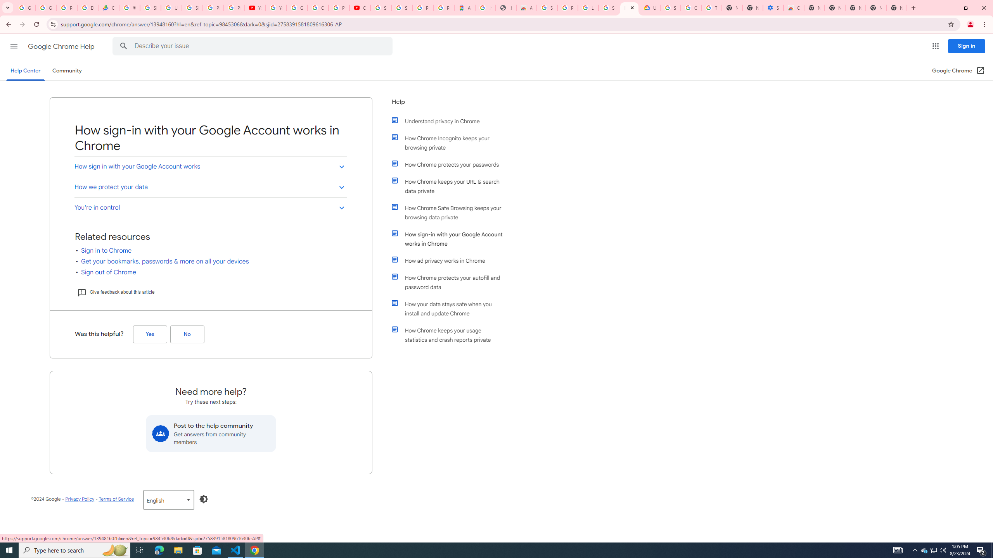  What do you see at coordinates (451, 239) in the screenshot?
I see `'How sign-in with your Google Account works in Chrome'` at bounding box center [451, 239].